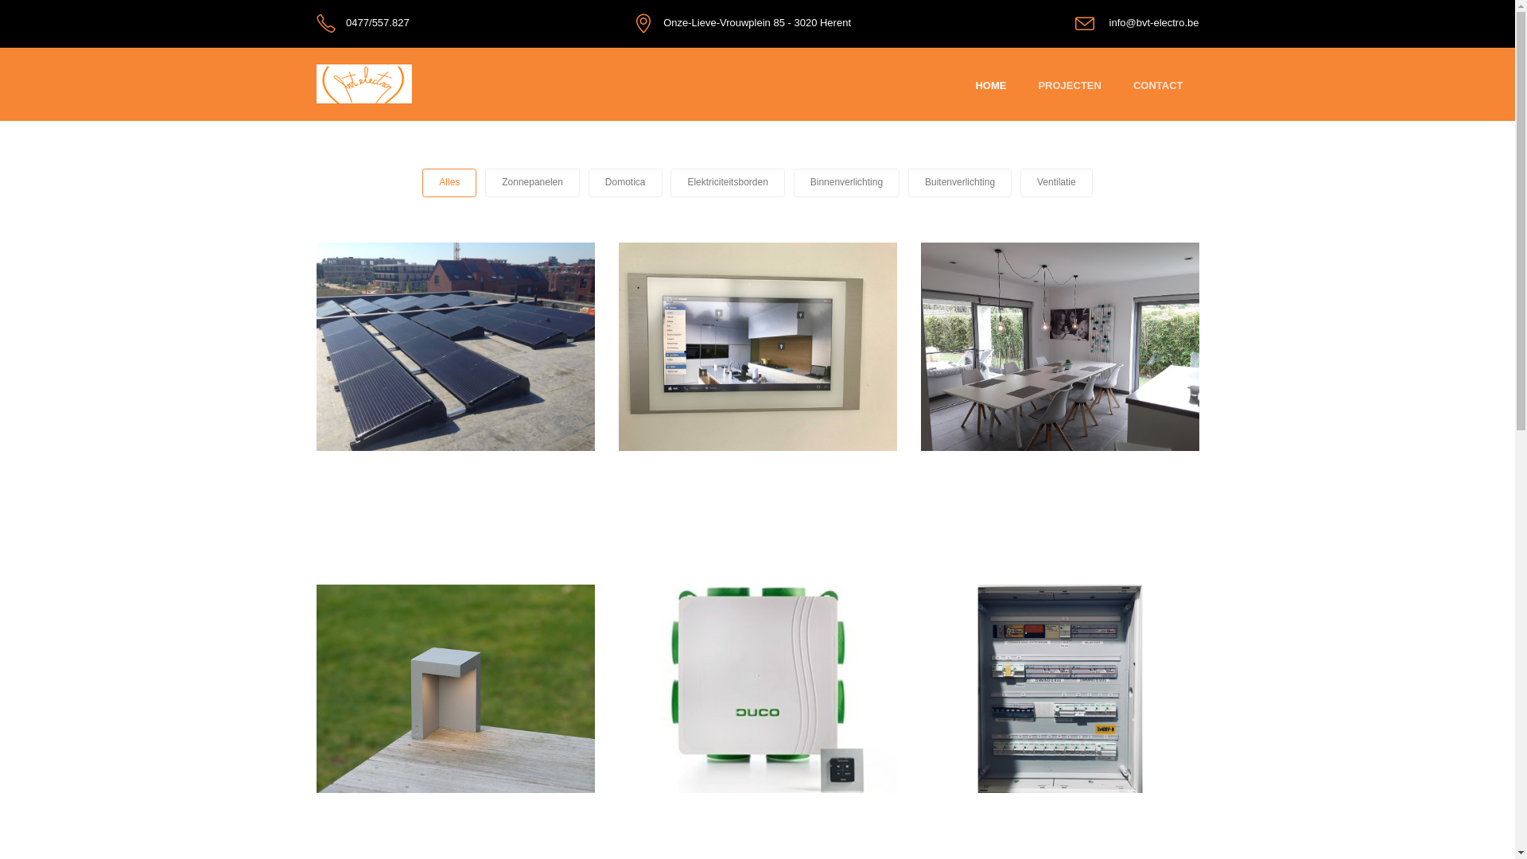 The width and height of the screenshot is (1527, 859). I want to click on 'info@bvt-electro.be', so click(1154, 22).